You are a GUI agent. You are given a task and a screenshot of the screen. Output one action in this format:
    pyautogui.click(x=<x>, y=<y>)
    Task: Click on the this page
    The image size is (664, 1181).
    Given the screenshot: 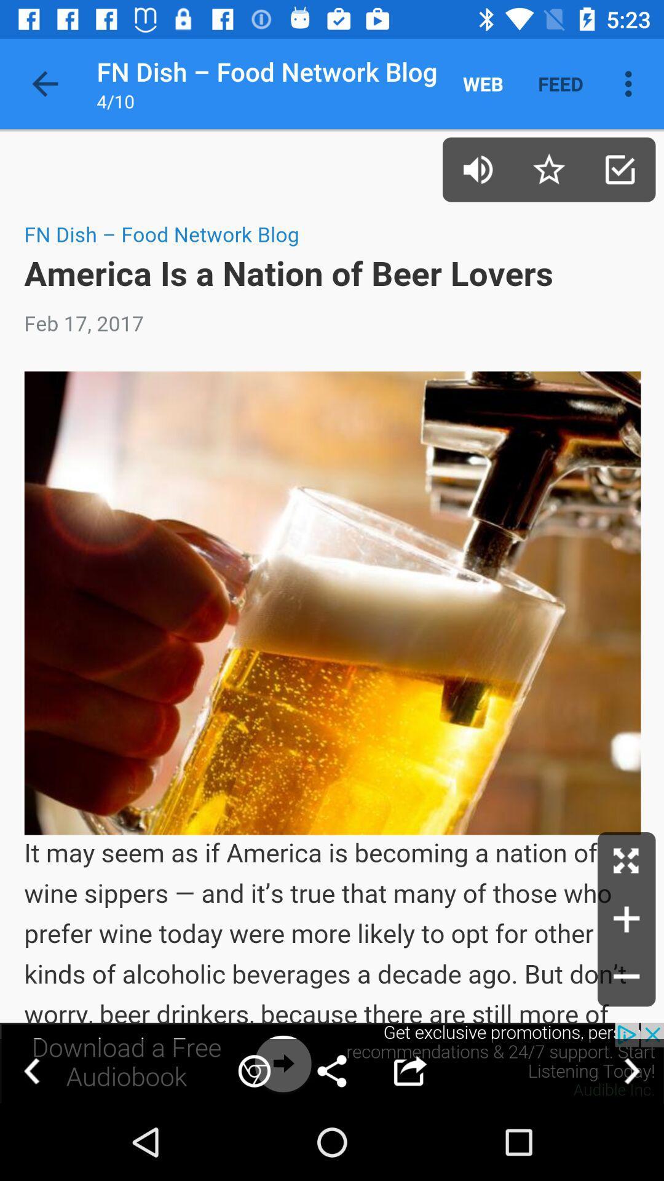 What is the action you would take?
    pyautogui.click(x=548, y=169)
    